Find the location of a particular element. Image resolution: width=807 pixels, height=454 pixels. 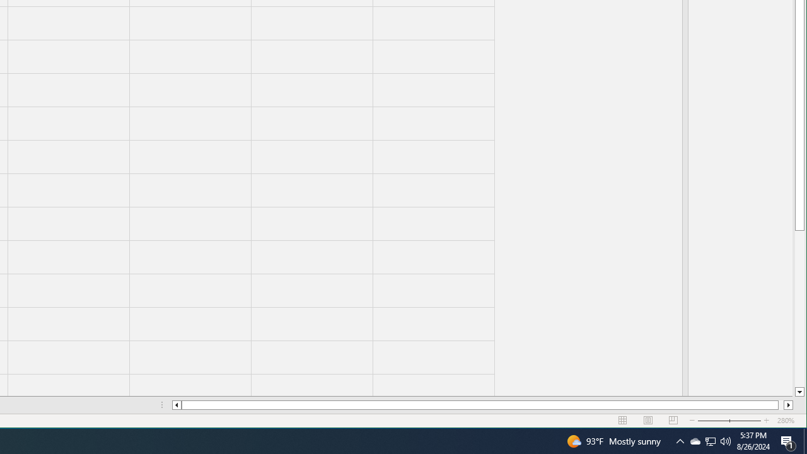

'Action Center, 1 new notification' is located at coordinates (788, 440).